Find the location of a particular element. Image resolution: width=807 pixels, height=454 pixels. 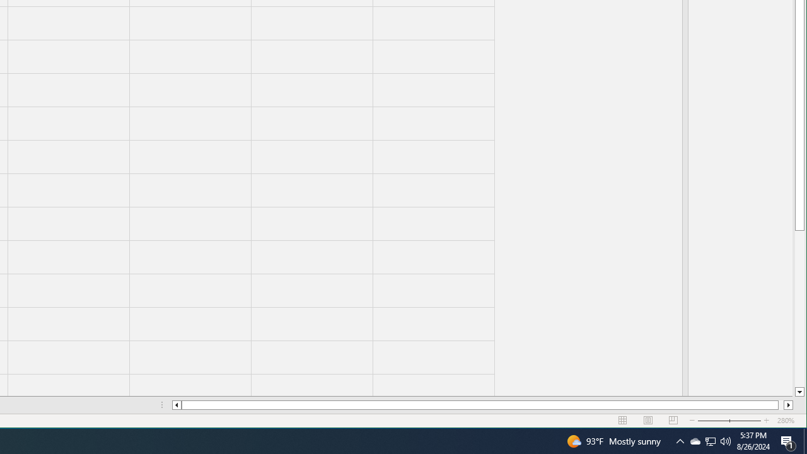

'Action Center, 1 new notification' is located at coordinates (788, 440).